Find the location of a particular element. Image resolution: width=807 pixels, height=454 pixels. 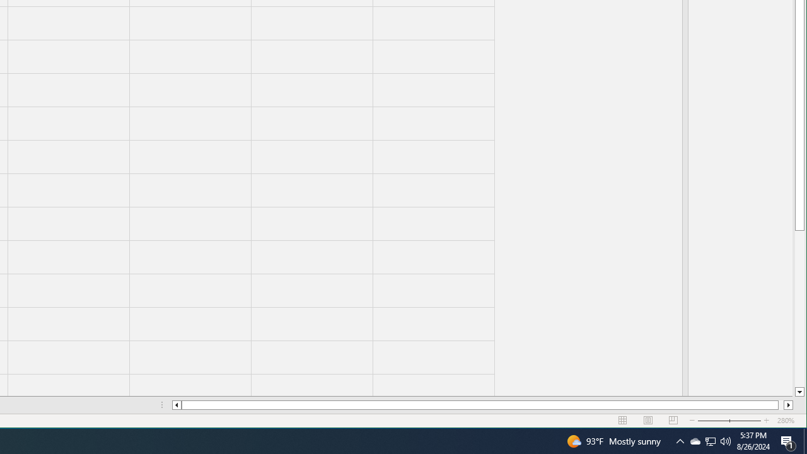

'Action Center, 1 new notification' is located at coordinates (788, 440).